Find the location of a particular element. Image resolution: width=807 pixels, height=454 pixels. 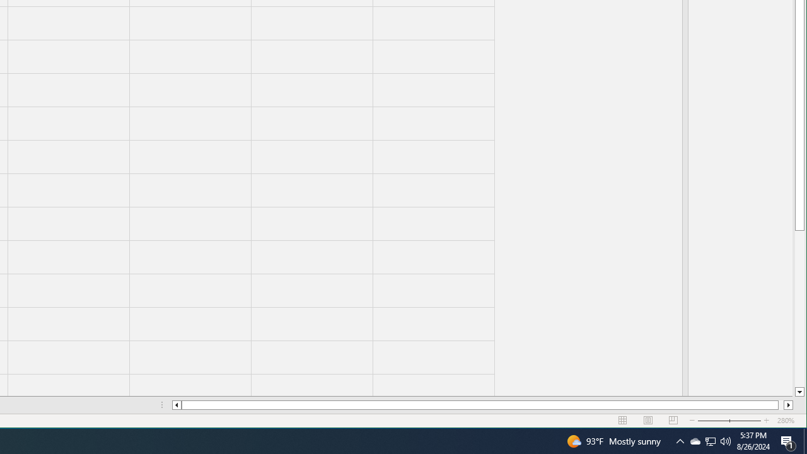

'Action Center, 1 new notification' is located at coordinates (788, 440).